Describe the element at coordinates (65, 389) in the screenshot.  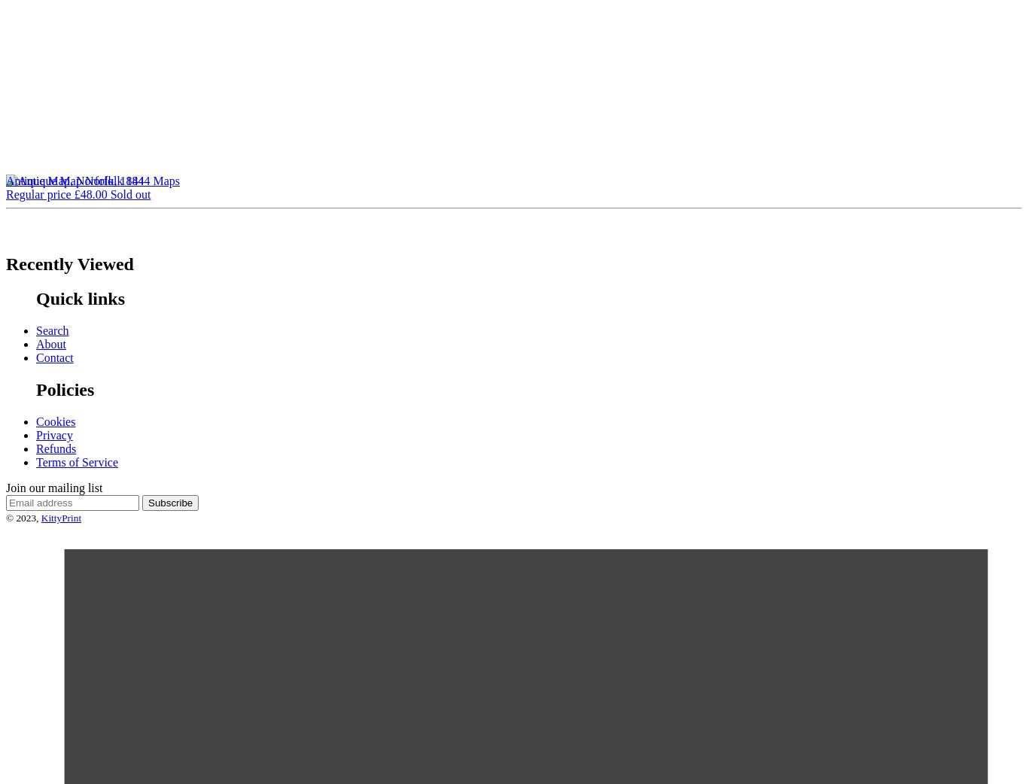
I see `'Policies'` at that location.